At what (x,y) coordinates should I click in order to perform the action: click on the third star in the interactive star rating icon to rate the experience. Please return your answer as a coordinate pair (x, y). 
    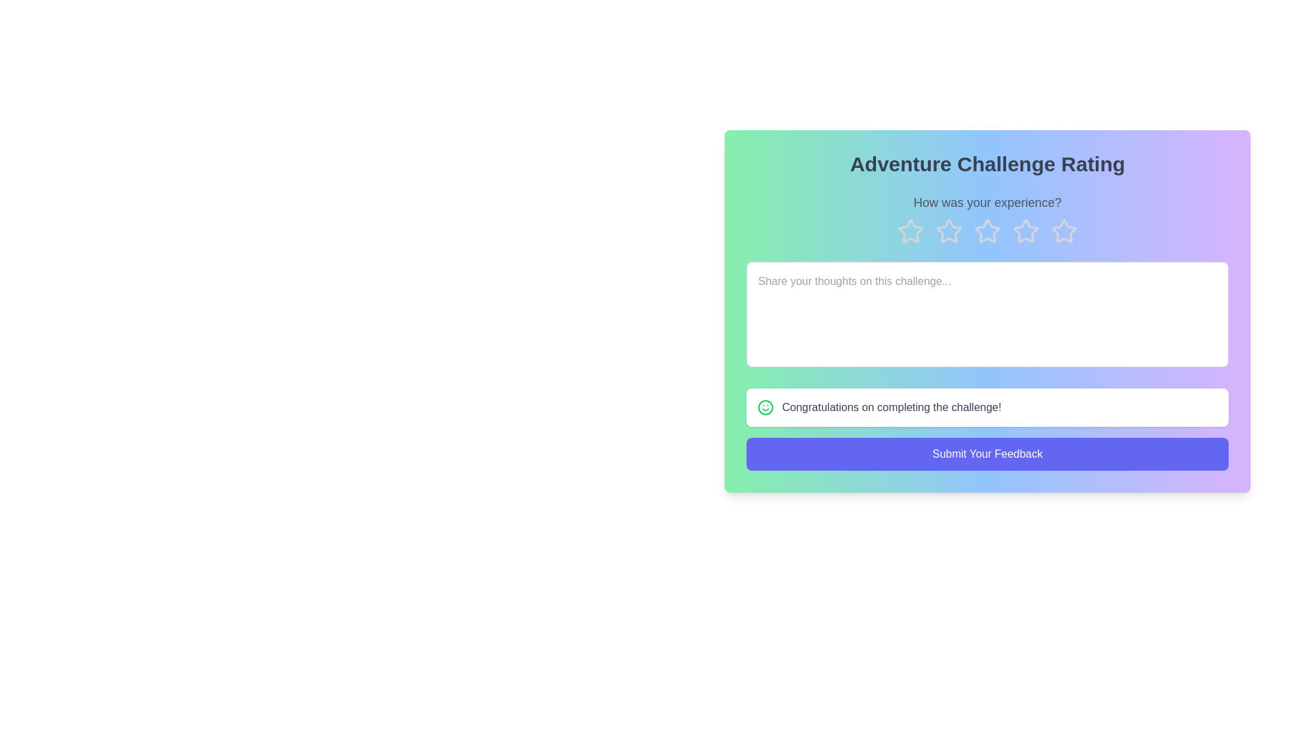
    Looking at the image, I should click on (987, 231).